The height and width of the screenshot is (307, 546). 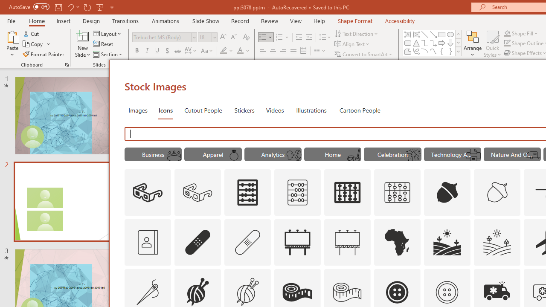 What do you see at coordinates (348, 242) in the screenshot?
I see `'AutomationID: Icons_Advertising_M'` at bounding box center [348, 242].